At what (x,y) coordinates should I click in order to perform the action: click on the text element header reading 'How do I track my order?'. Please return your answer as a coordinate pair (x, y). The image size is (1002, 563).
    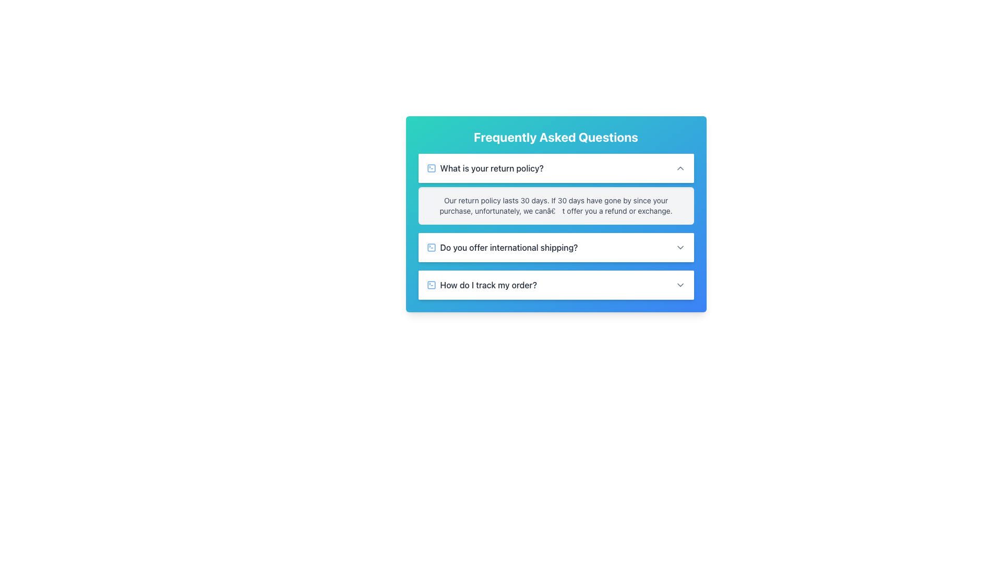
    Looking at the image, I should click on (488, 285).